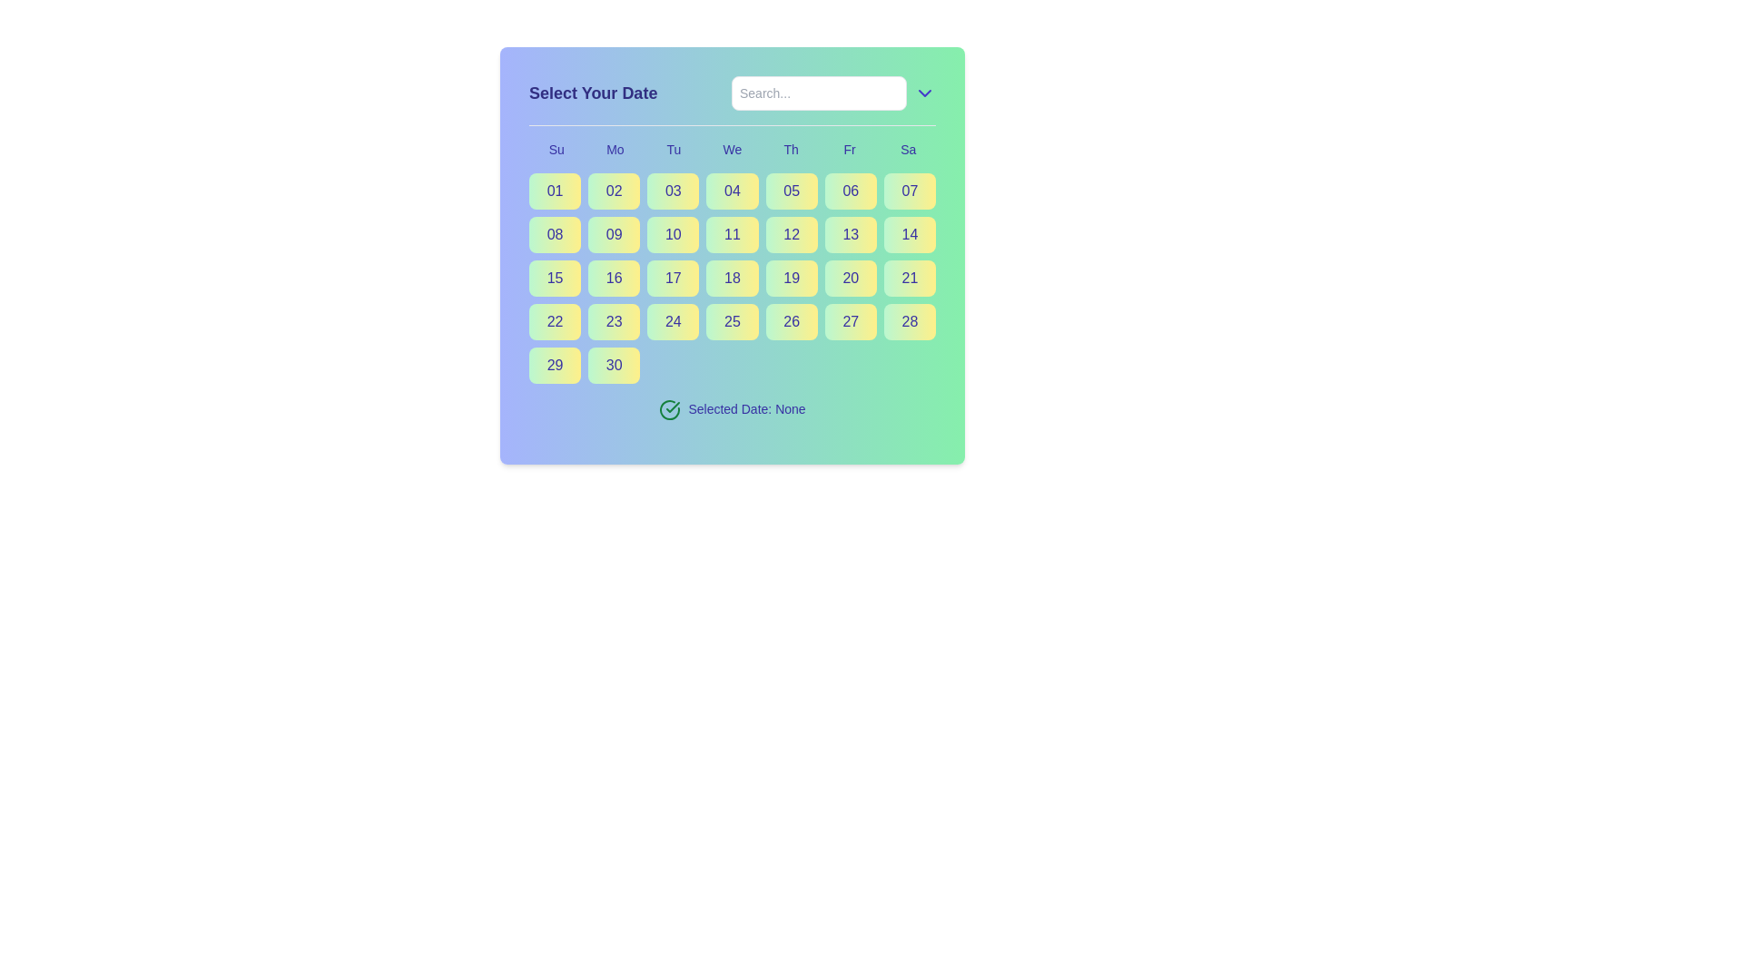 The height and width of the screenshot is (980, 1743). What do you see at coordinates (732, 320) in the screenshot?
I see `the rounded rectangular button labeled '25' with a gradient background transitioning from green to yellow, located in the fourth row and fourth column of the calendar layout` at bounding box center [732, 320].